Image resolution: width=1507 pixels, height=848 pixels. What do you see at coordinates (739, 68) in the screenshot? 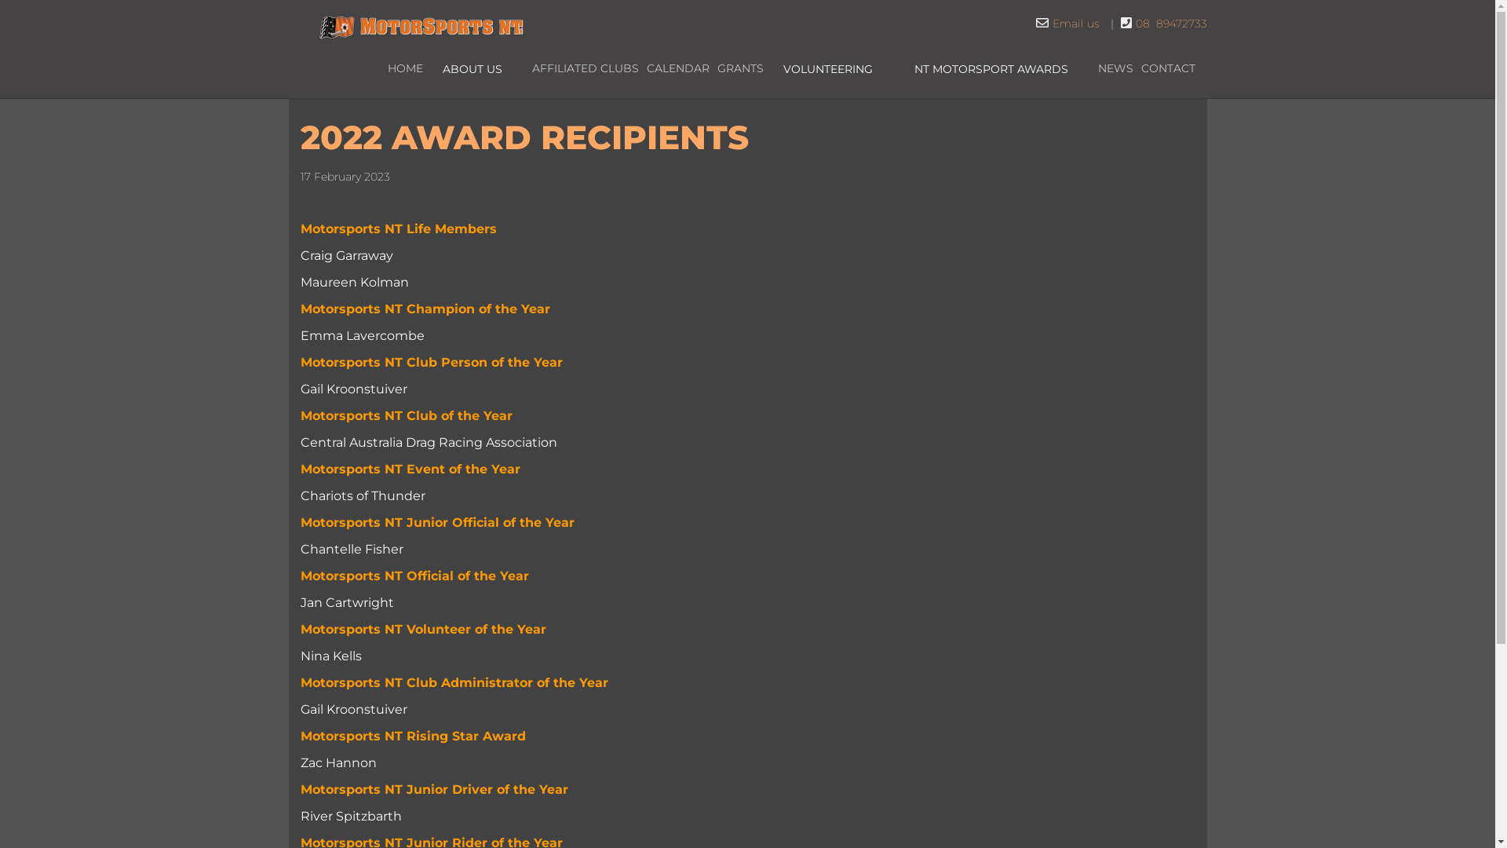
I see `'GRANTS'` at bounding box center [739, 68].